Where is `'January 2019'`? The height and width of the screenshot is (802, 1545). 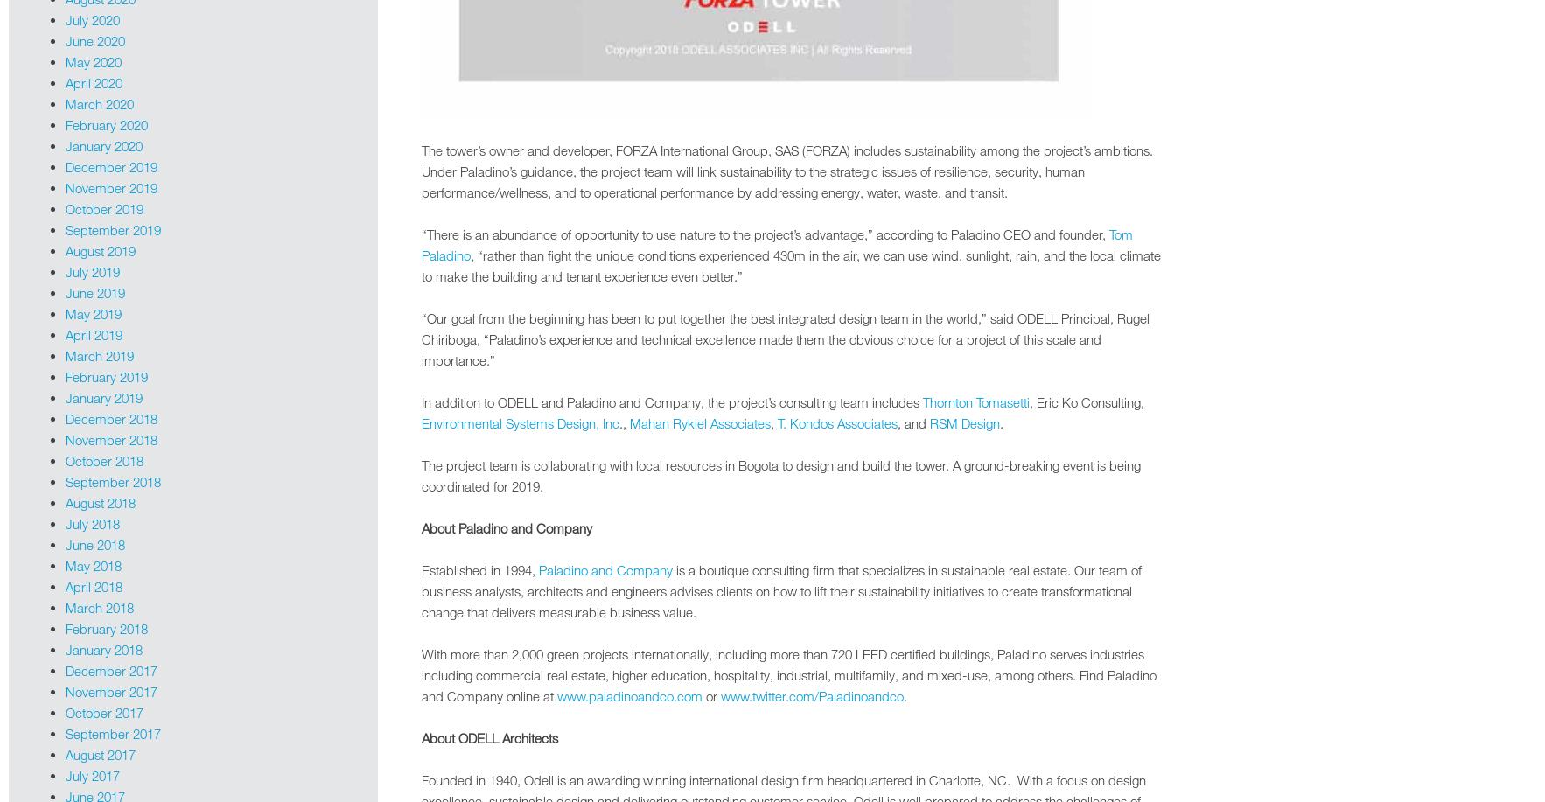
'January 2019' is located at coordinates (103, 397).